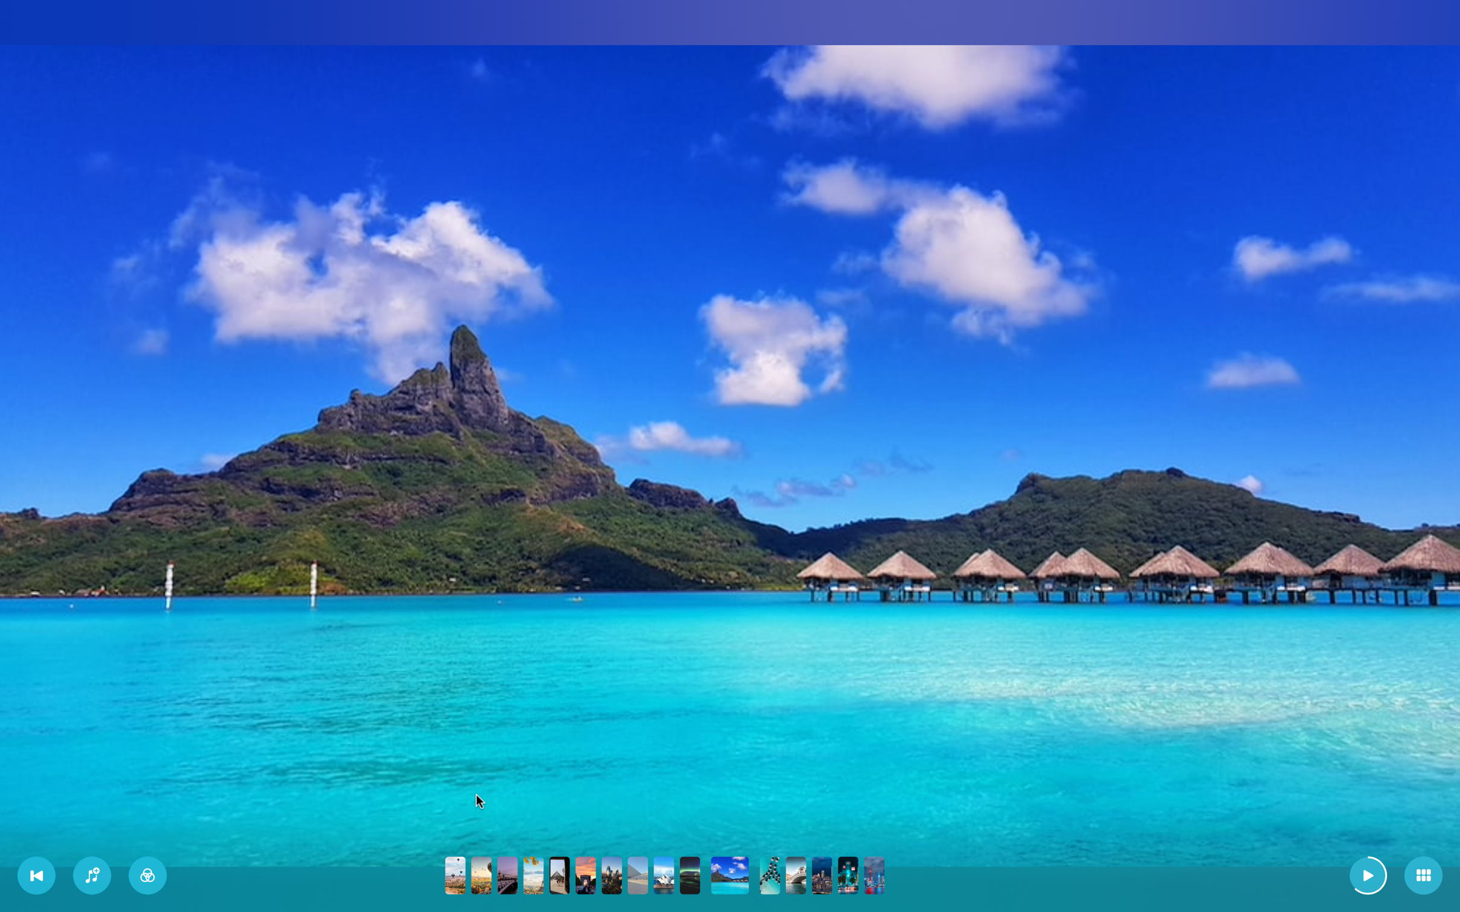 The image size is (1460, 912). I want to click on Add the second filter to the slideshow, so click(148, 875).